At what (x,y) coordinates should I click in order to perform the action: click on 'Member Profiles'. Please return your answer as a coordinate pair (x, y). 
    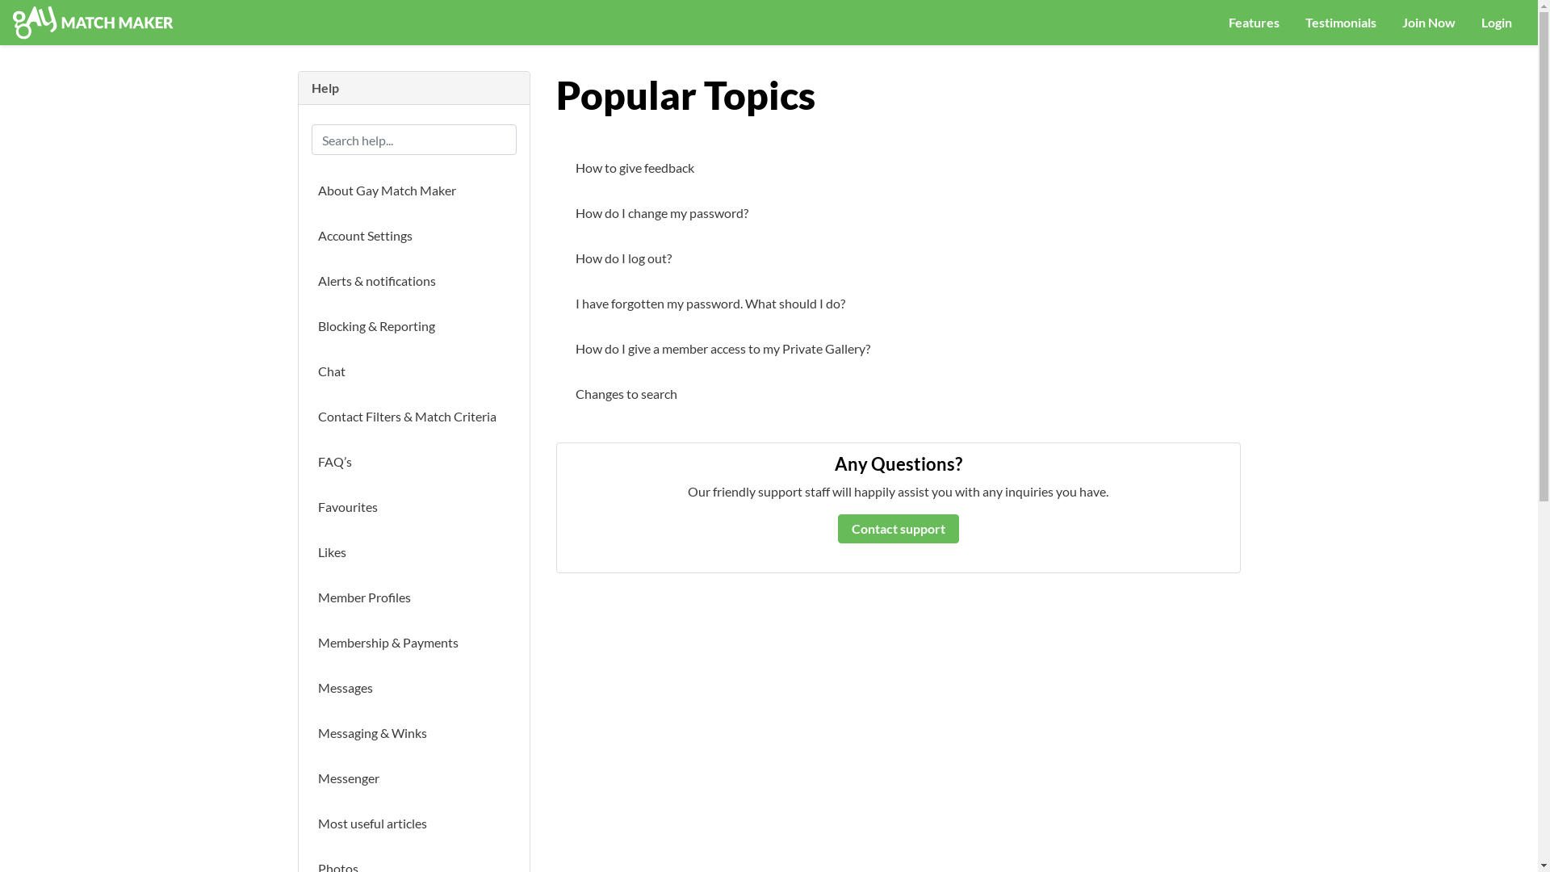
    Looking at the image, I should click on (414, 597).